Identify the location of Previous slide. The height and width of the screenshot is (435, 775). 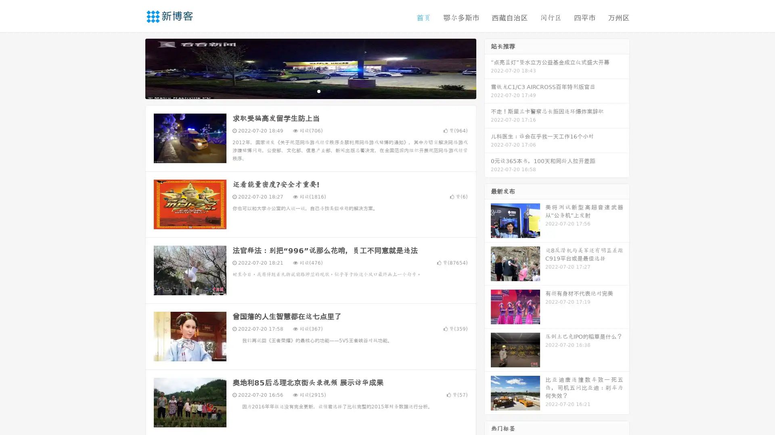
(133, 68).